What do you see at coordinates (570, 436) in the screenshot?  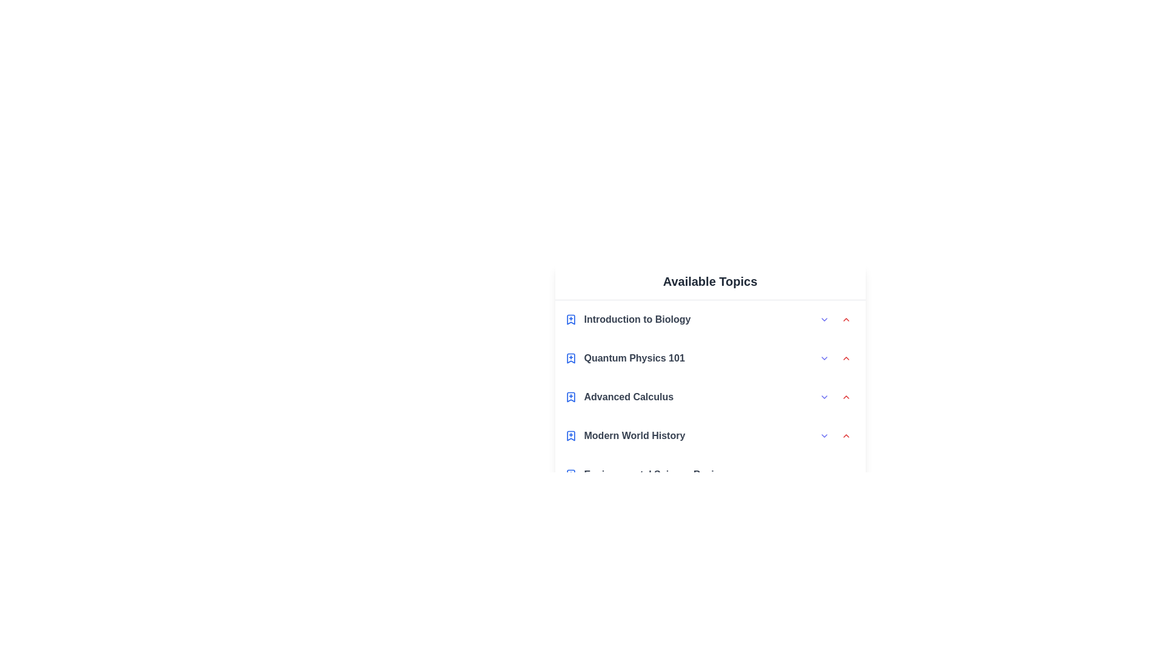 I see `the bookmark icon of the topic Modern World History` at bounding box center [570, 436].